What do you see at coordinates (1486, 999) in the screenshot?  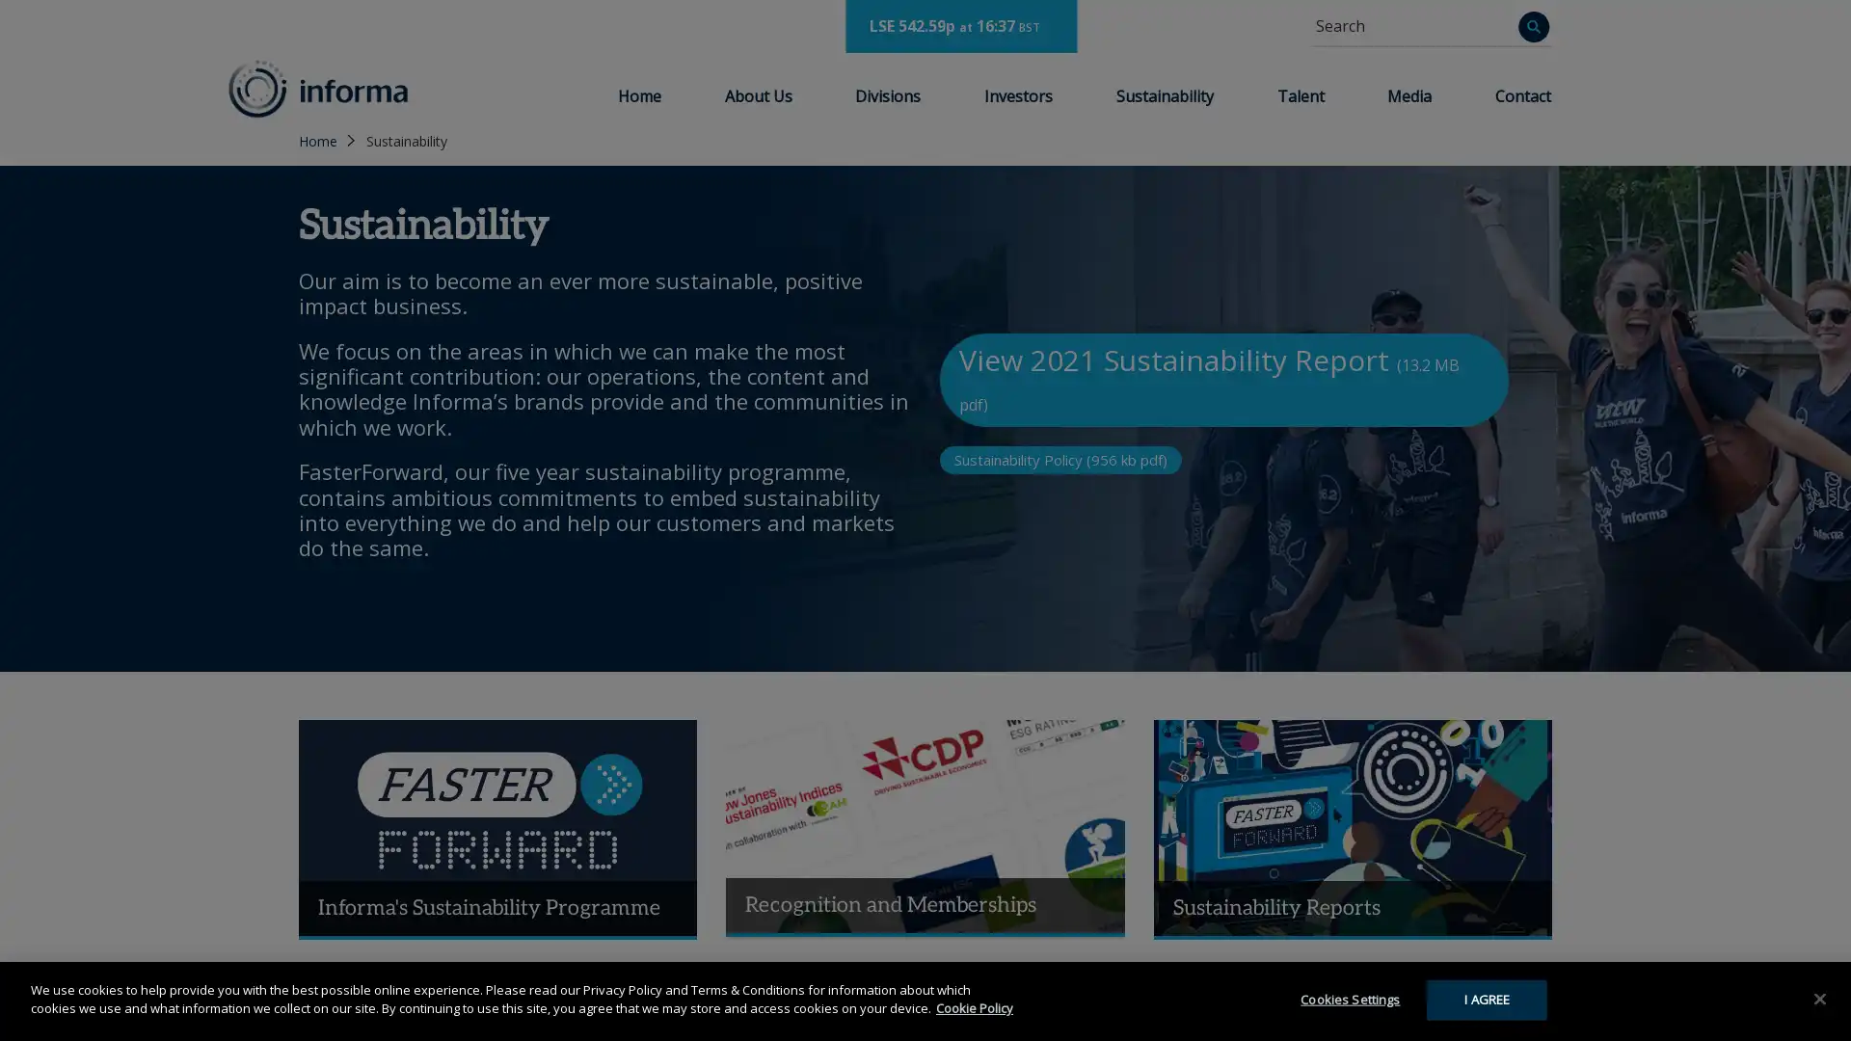 I see `I AGREE` at bounding box center [1486, 999].